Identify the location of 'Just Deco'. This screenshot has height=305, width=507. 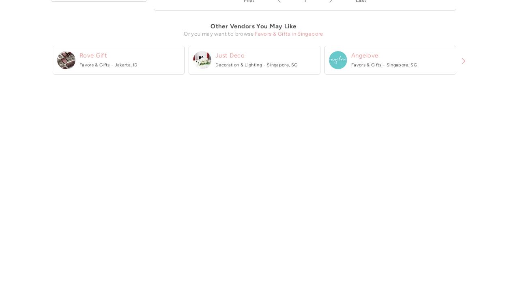
(230, 55).